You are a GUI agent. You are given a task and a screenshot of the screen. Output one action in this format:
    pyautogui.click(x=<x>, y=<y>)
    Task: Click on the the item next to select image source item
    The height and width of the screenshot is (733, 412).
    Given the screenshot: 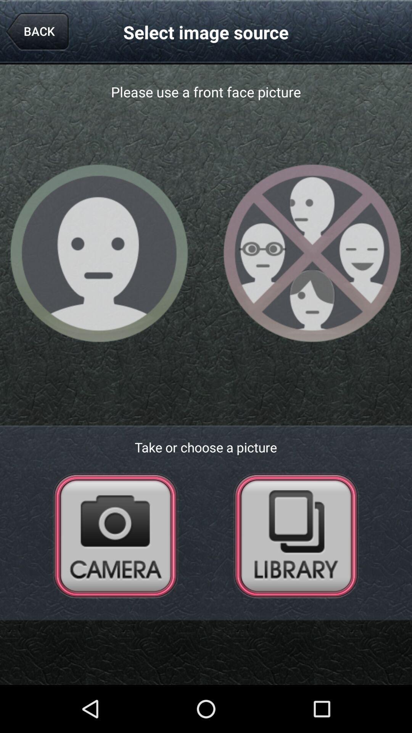 What is the action you would take?
    pyautogui.click(x=37, y=32)
    